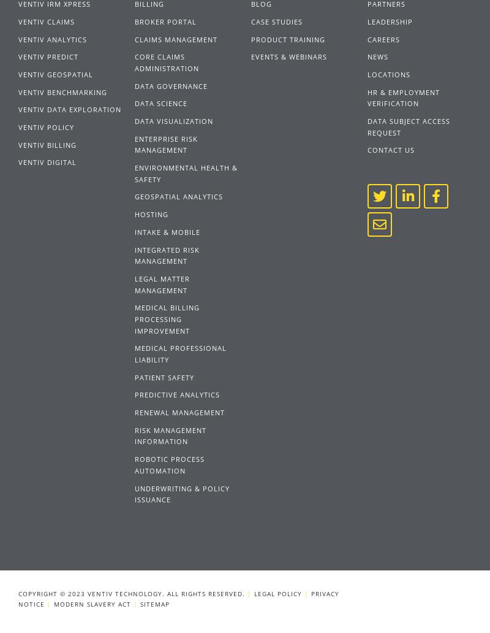  What do you see at coordinates (47, 21) in the screenshot?
I see `'Ventiv Claims'` at bounding box center [47, 21].